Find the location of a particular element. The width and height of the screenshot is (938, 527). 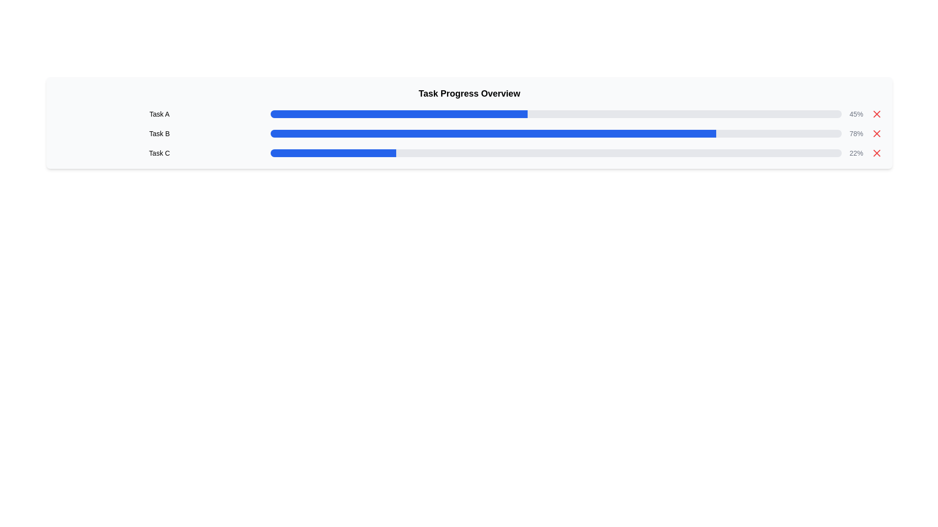

the small red 'X' icon is located at coordinates (877, 114).